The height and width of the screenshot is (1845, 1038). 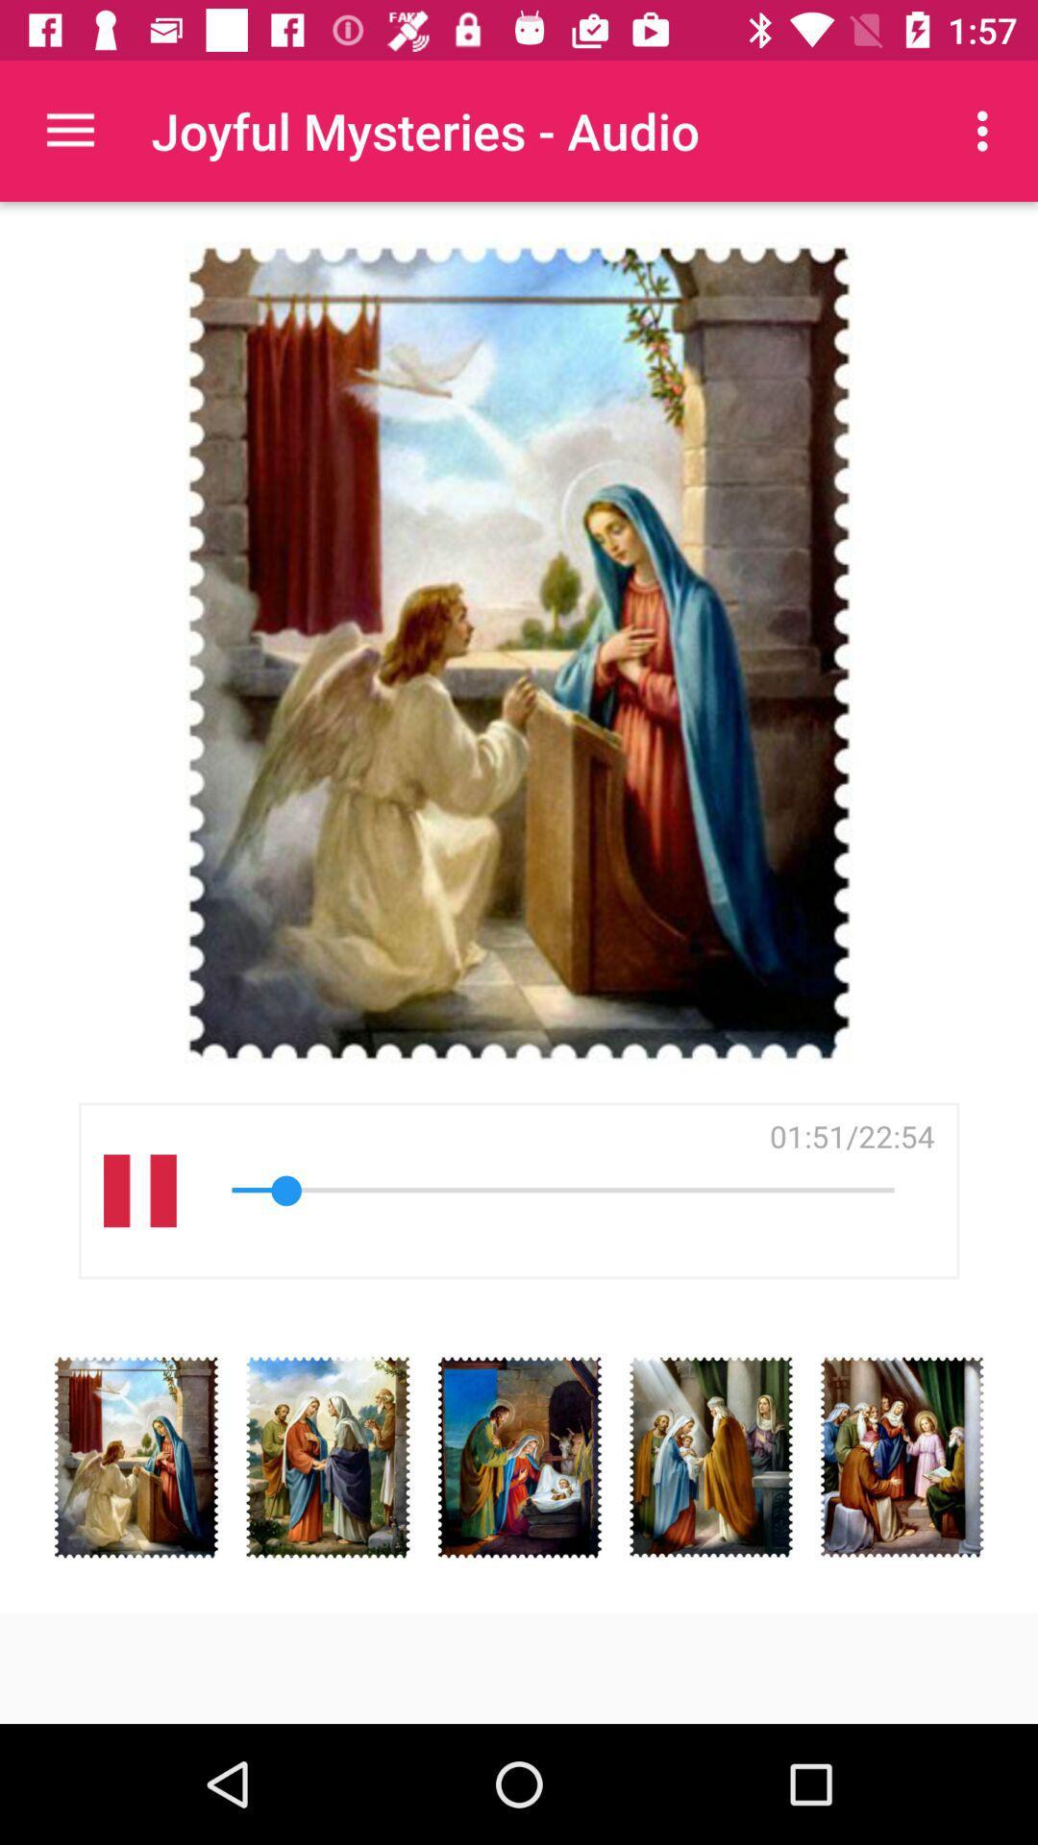 What do you see at coordinates (69, 130) in the screenshot?
I see `the app next to the joyful mysteries - audio icon` at bounding box center [69, 130].